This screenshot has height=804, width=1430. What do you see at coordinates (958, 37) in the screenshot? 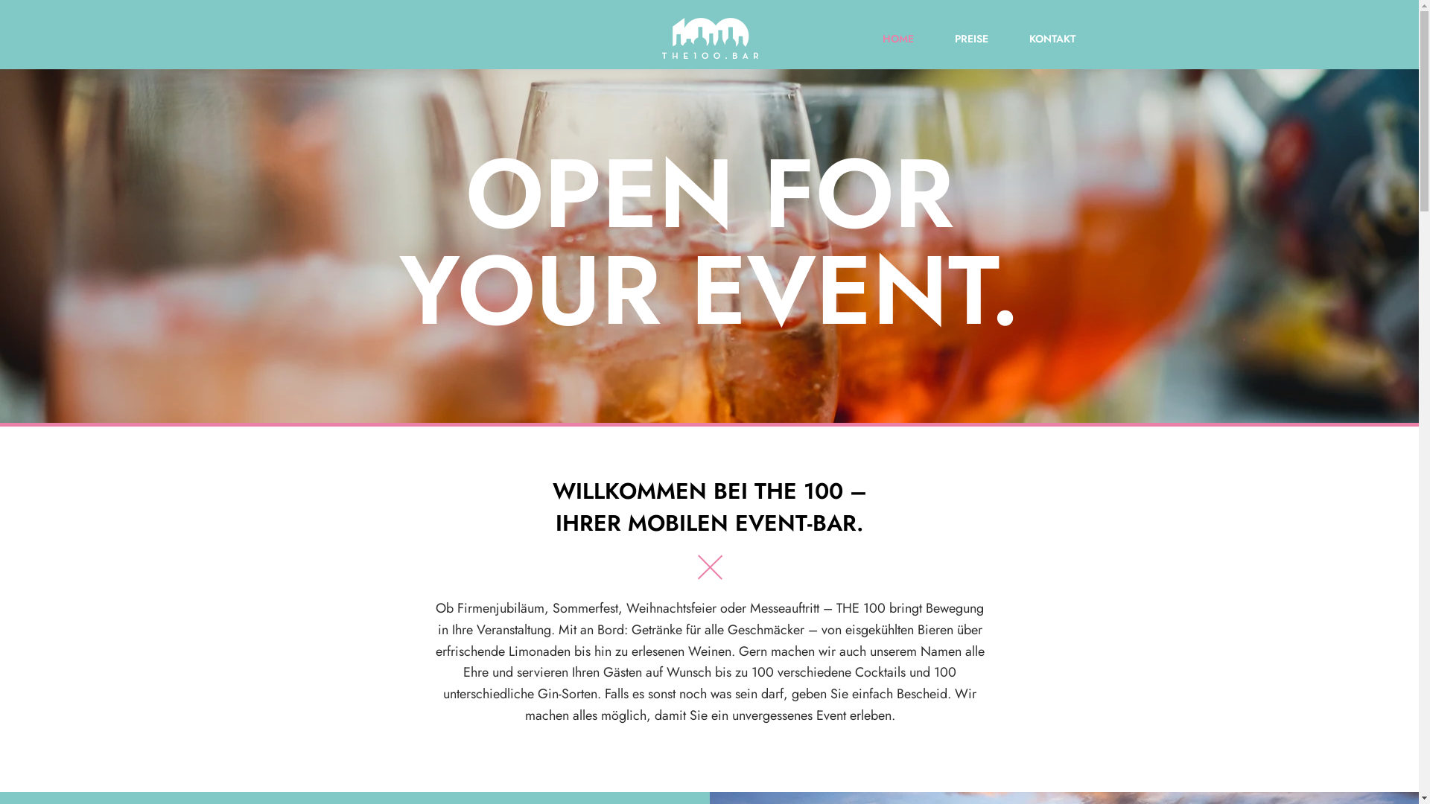
I see `'PREISE'` at bounding box center [958, 37].